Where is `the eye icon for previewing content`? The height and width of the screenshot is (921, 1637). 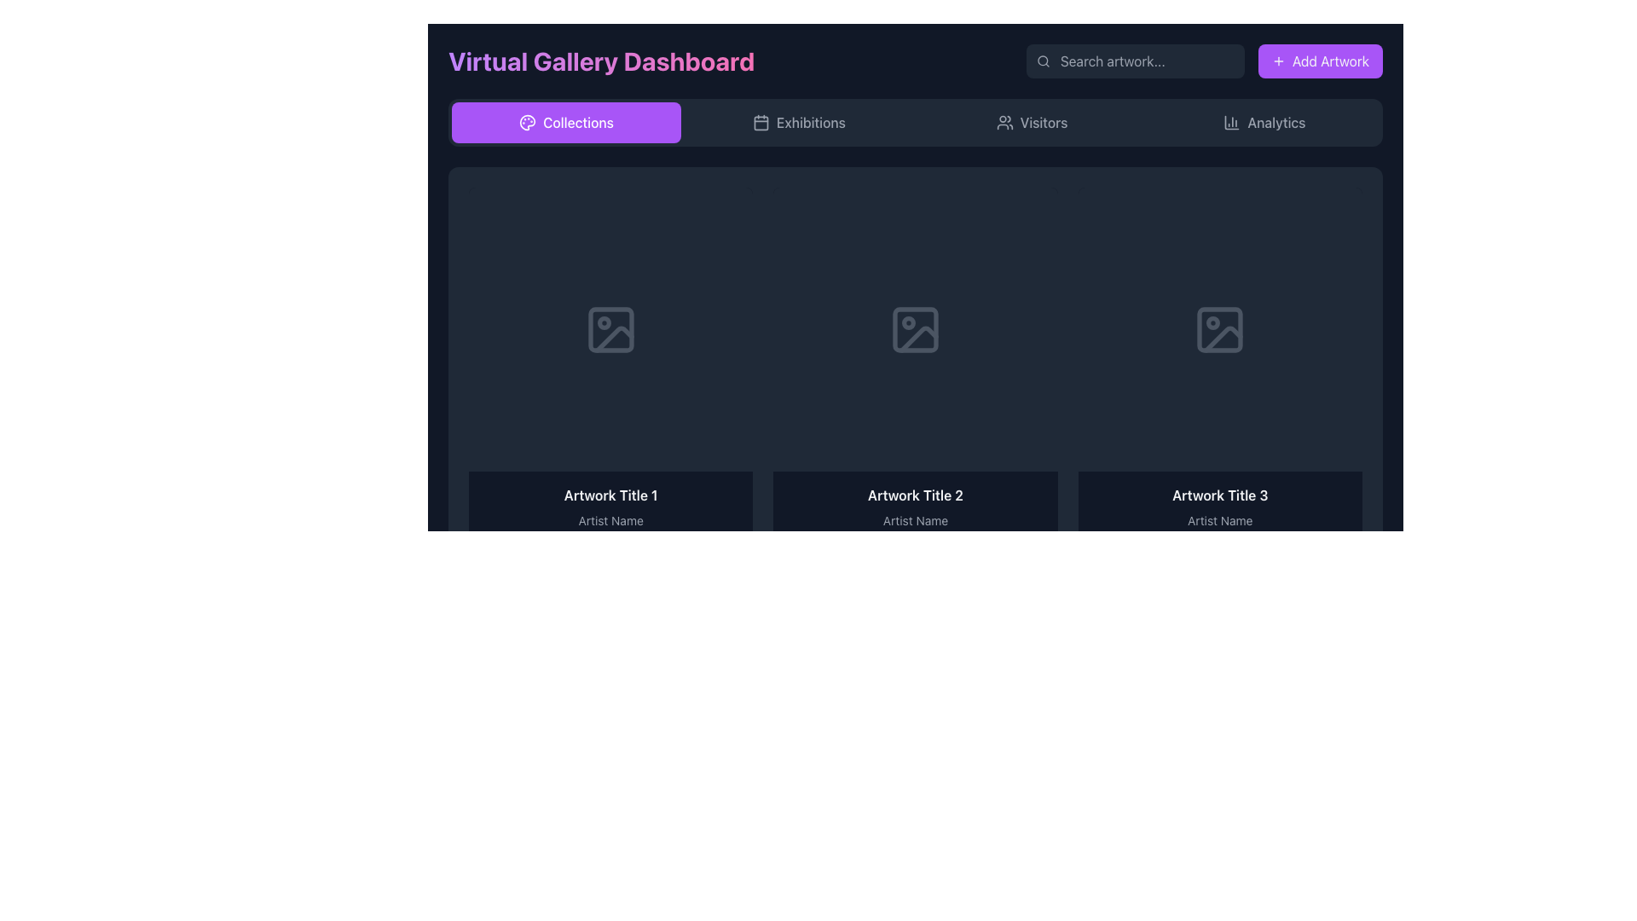 the eye icon for previewing content is located at coordinates (588, 329).